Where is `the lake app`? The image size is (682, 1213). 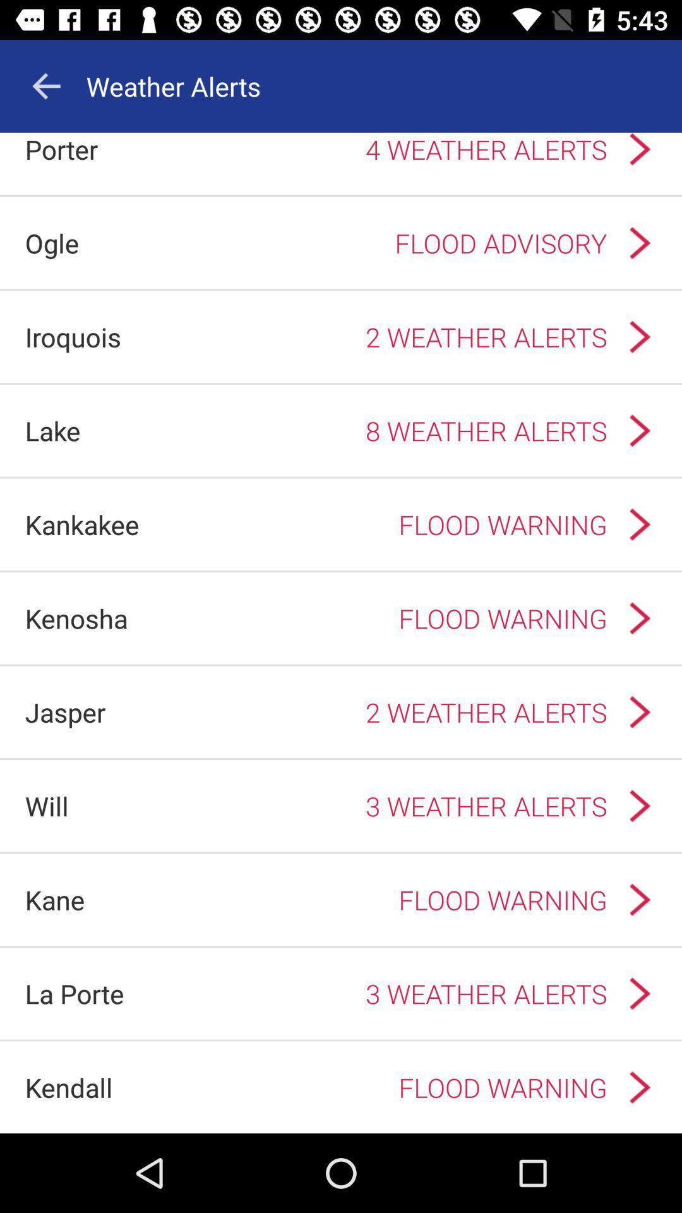
the lake app is located at coordinates (52, 430).